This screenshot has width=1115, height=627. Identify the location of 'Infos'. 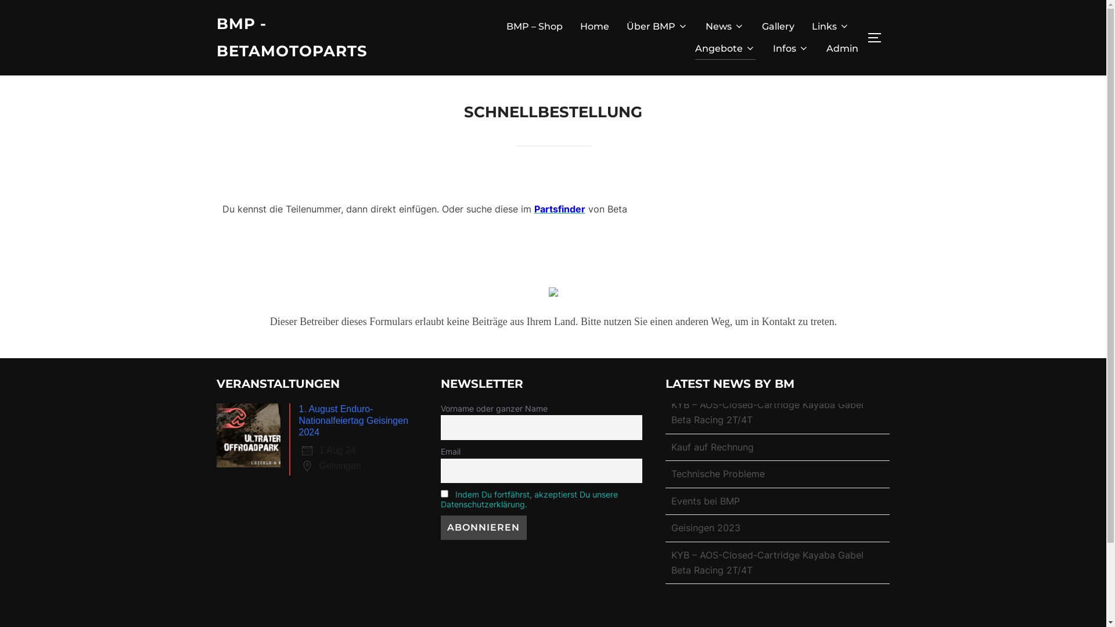
(790, 48).